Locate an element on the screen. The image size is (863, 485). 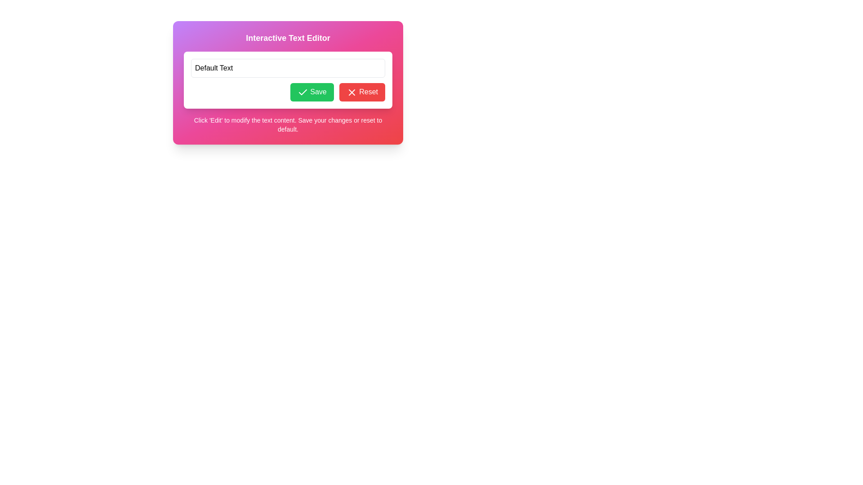
green checkmark icon located inside the 'Save' button next to the text 'Save' in the interactive panel is located at coordinates (302, 92).